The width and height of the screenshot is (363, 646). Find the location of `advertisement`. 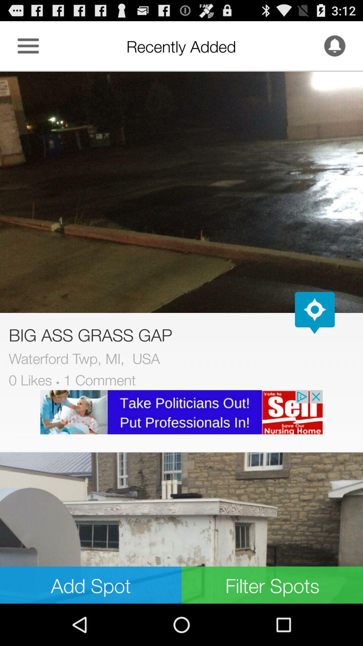

advertisement is located at coordinates (182, 412).